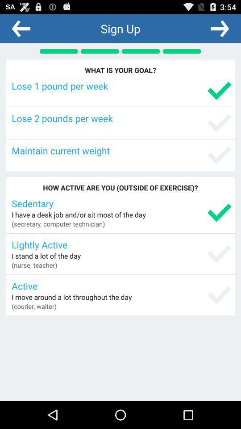  What do you see at coordinates (121, 118) in the screenshot?
I see `the lose 2 pounds icon` at bounding box center [121, 118].